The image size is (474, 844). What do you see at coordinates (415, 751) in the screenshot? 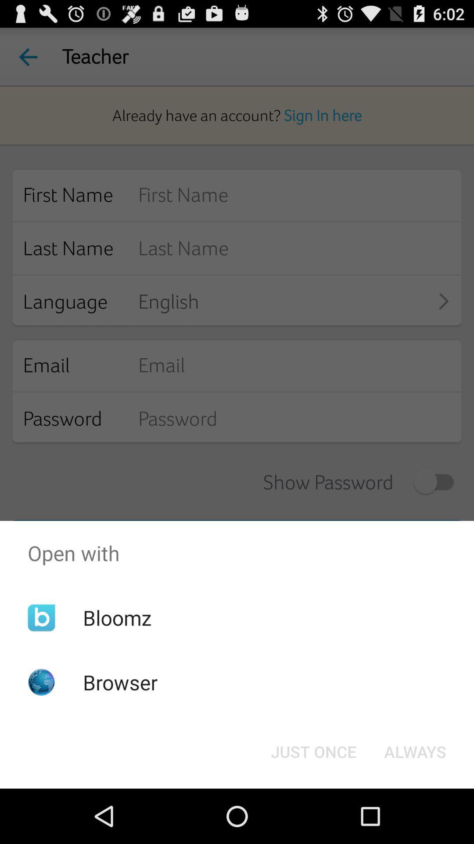
I see `the always item` at bounding box center [415, 751].